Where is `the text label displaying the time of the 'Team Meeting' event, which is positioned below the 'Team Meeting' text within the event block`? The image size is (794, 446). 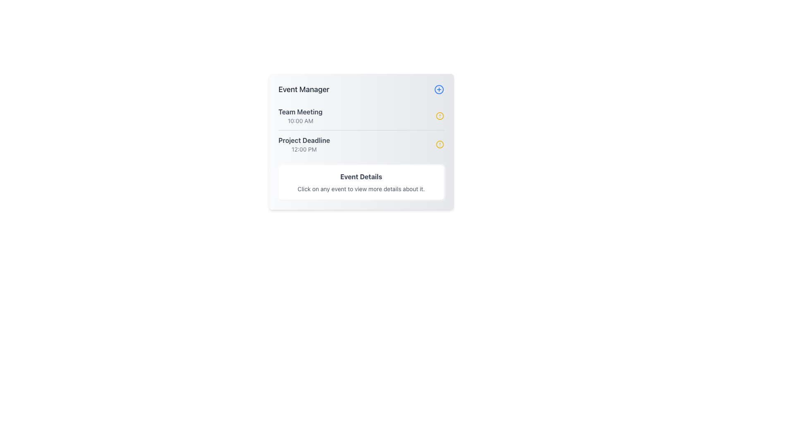 the text label displaying the time of the 'Team Meeting' event, which is positioned below the 'Team Meeting' text within the event block is located at coordinates (300, 121).